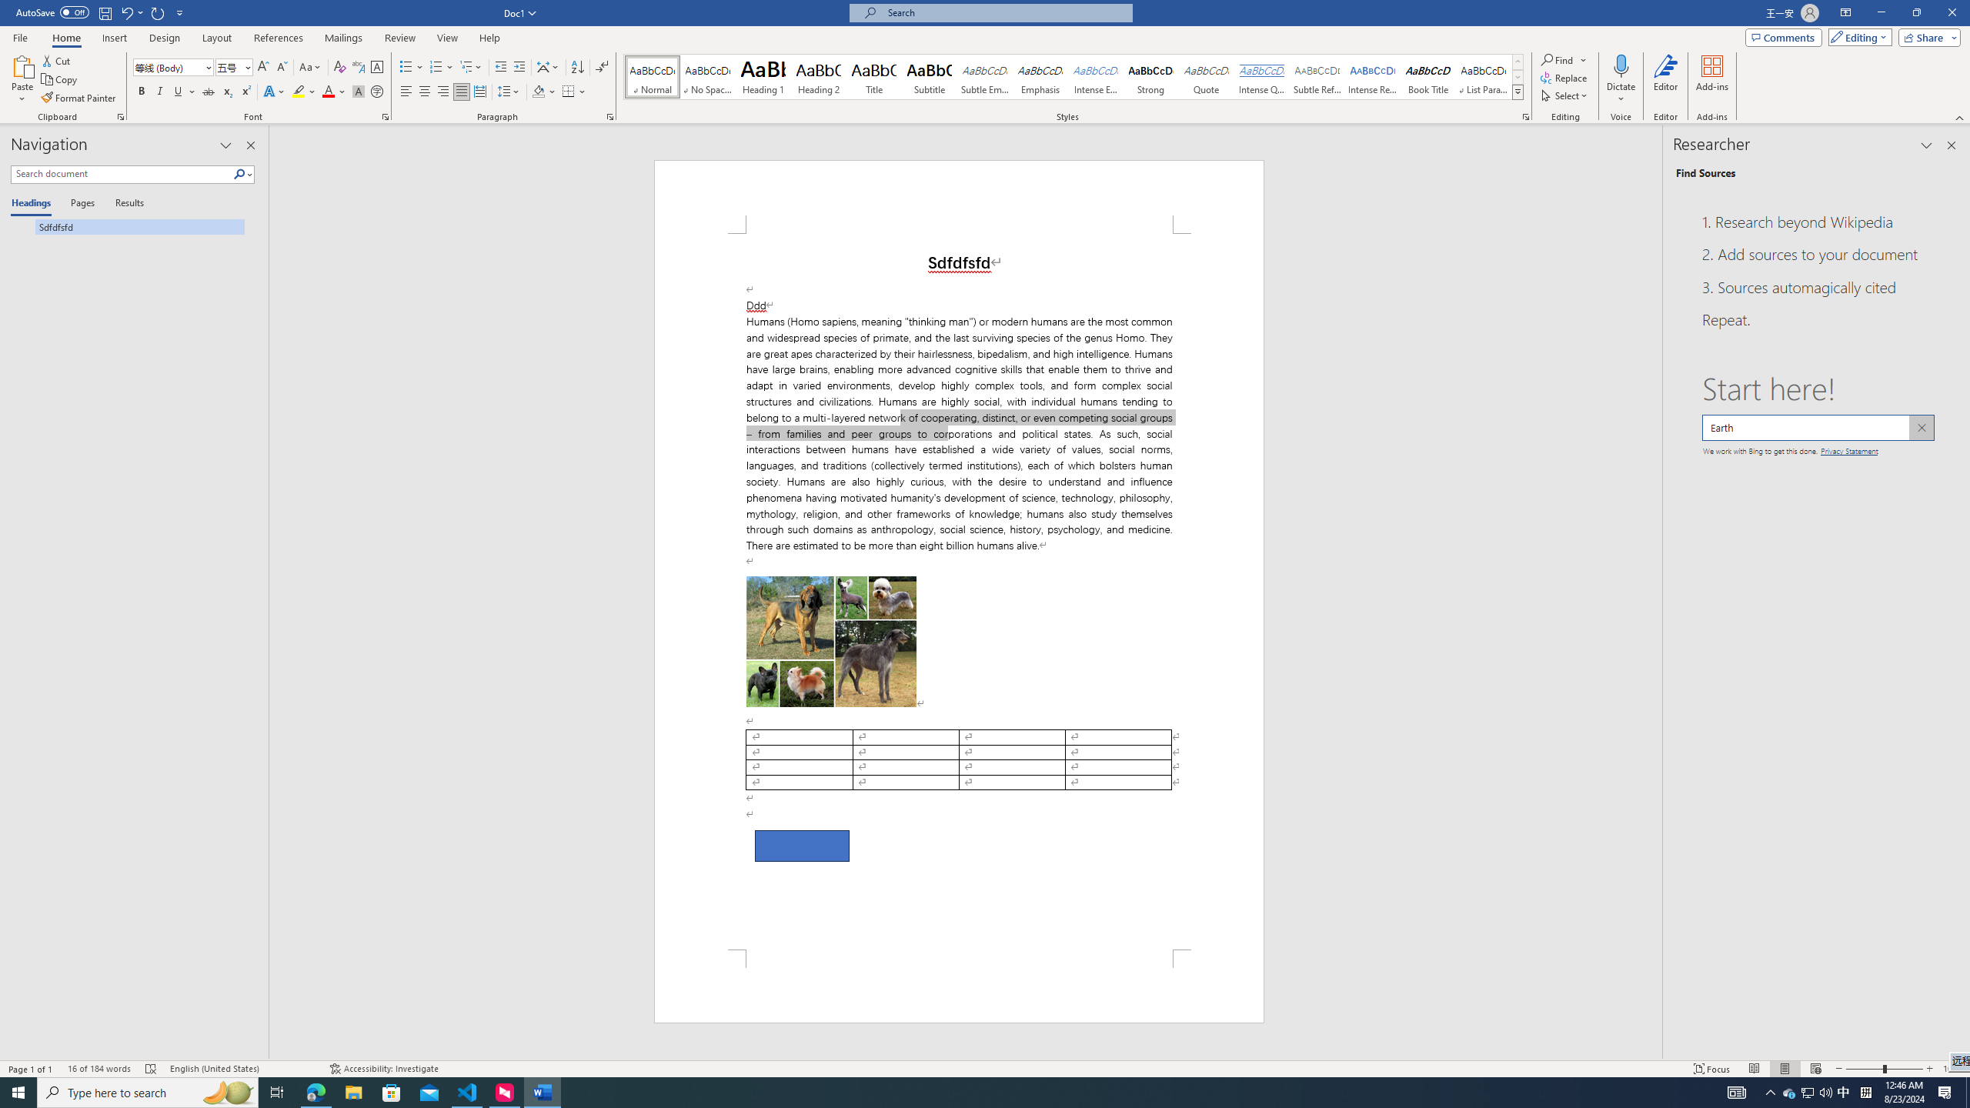 Image resolution: width=1970 pixels, height=1108 pixels. I want to click on 'Home', so click(65, 38).